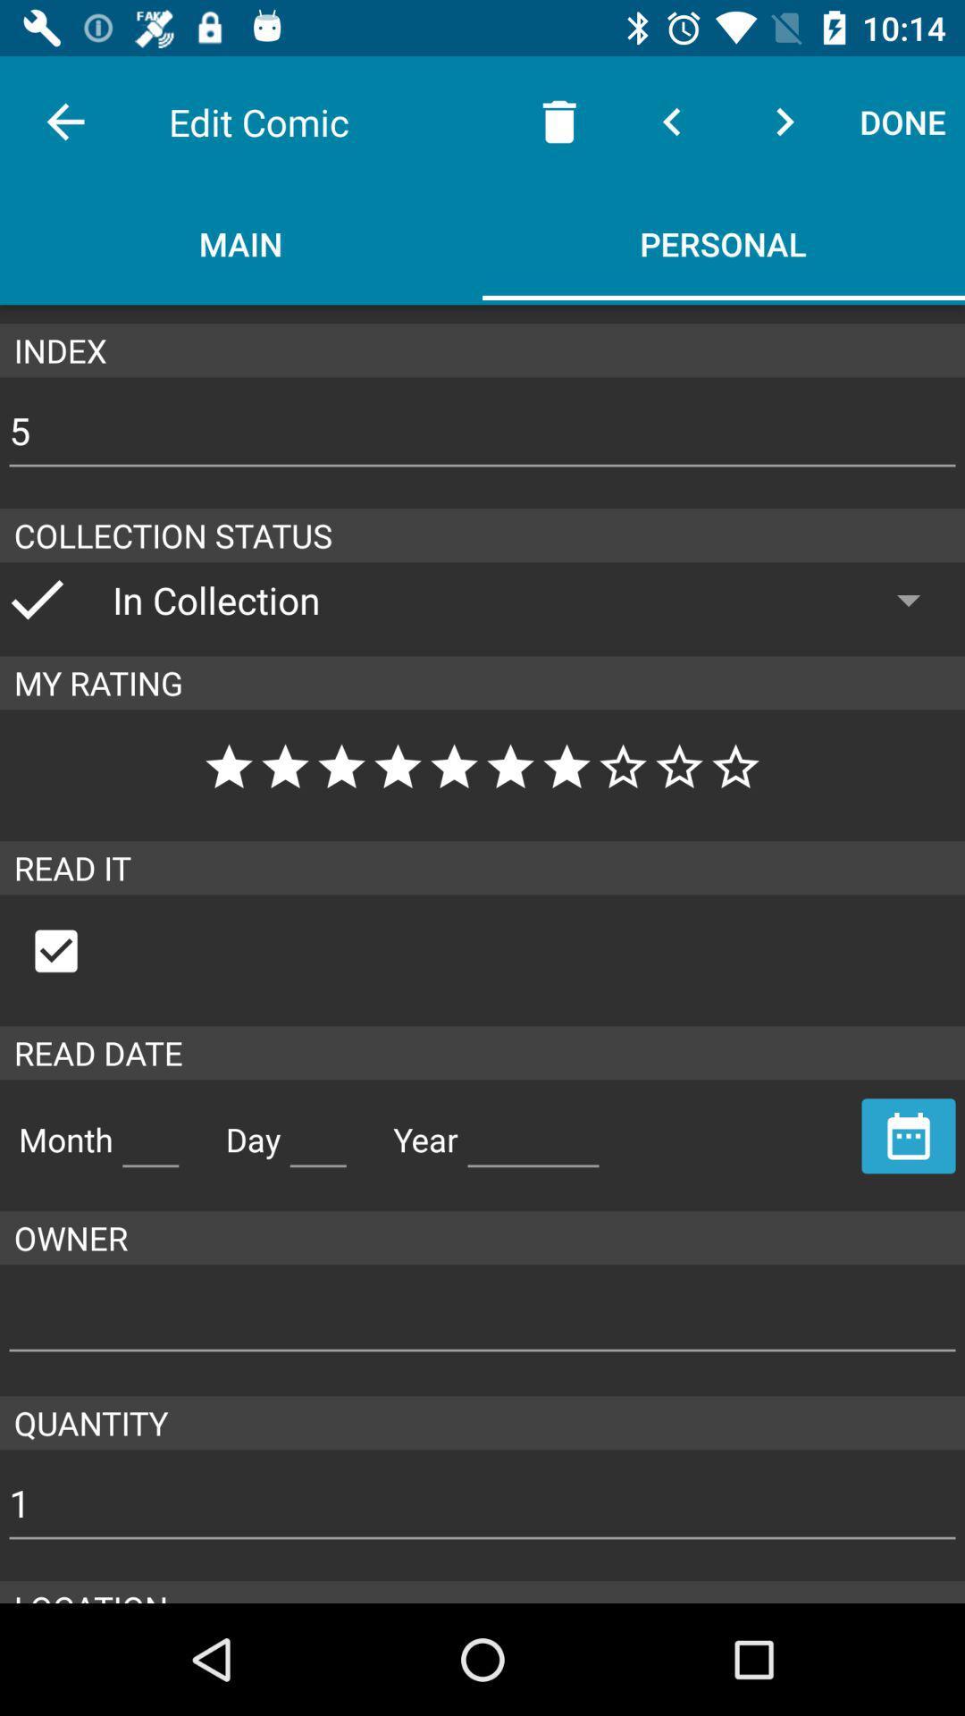 The height and width of the screenshot is (1716, 965). Describe the element at coordinates (150, 1131) in the screenshot. I see `the text field which is right to the text month` at that location.